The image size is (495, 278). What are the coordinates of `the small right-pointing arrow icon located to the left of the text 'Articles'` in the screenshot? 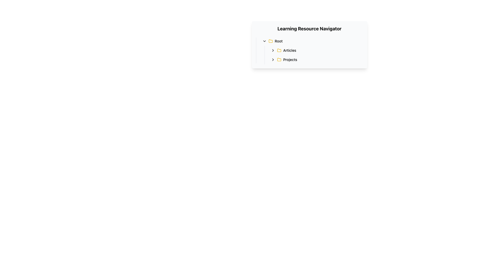 It's located at (273, 50).